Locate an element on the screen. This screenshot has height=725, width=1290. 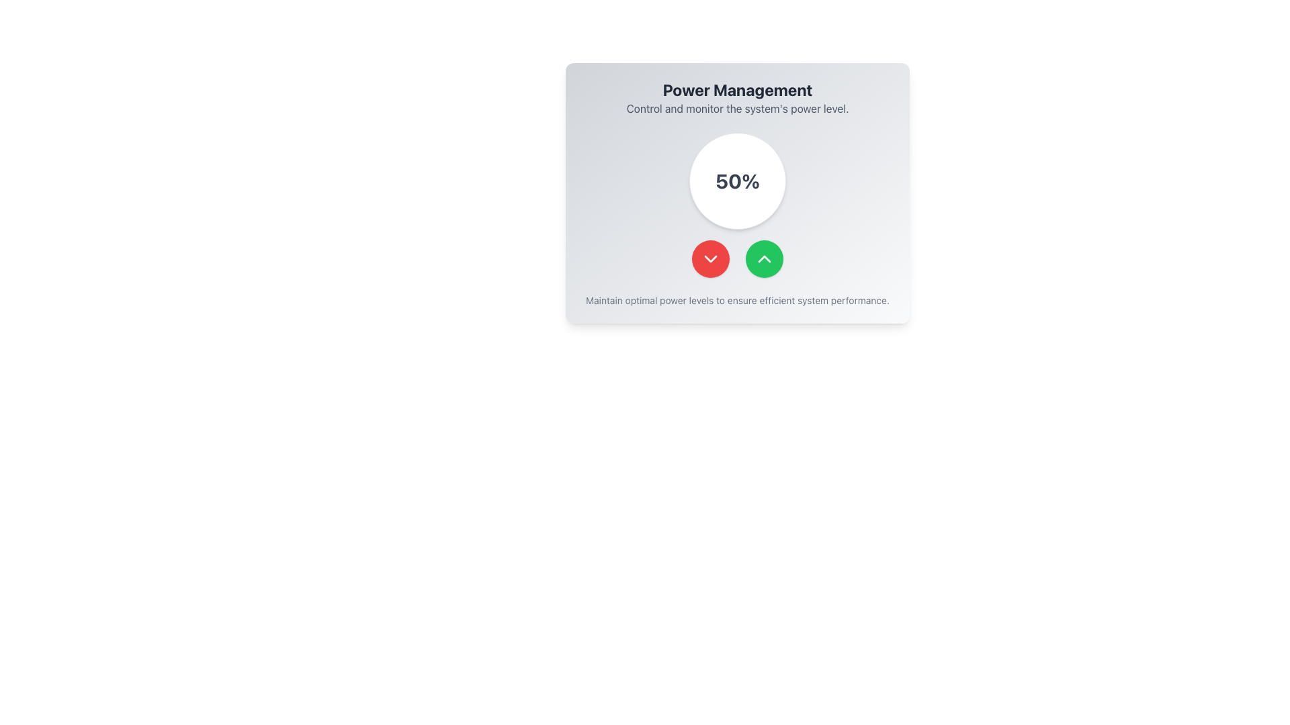
the static informational display that represents a 50% power level value, which is centrally positioned at the top of a column layout in the power management interface is located at coordinates (737, 181).